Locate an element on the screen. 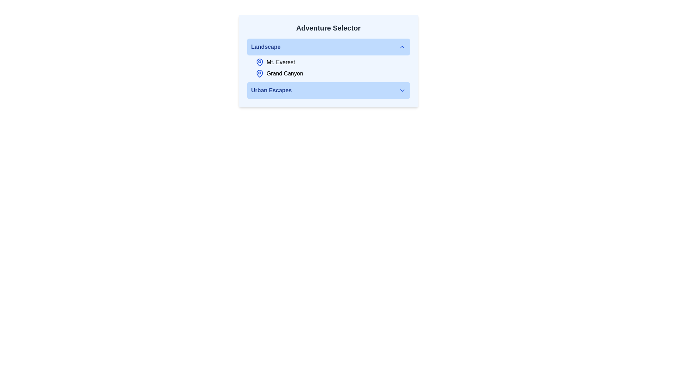 The width and height of the screenshot is (674, 379). the downward-facing chevron icon located on the right side of the 'Urban Escapes' button is located at coordinates (402, 90).